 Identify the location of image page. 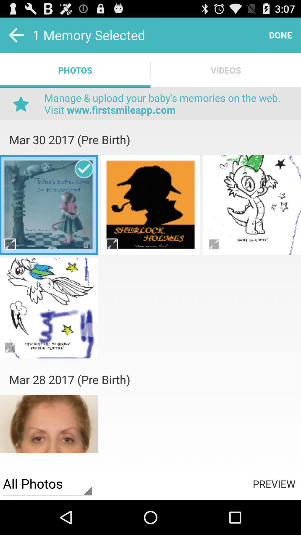
(48, 429).